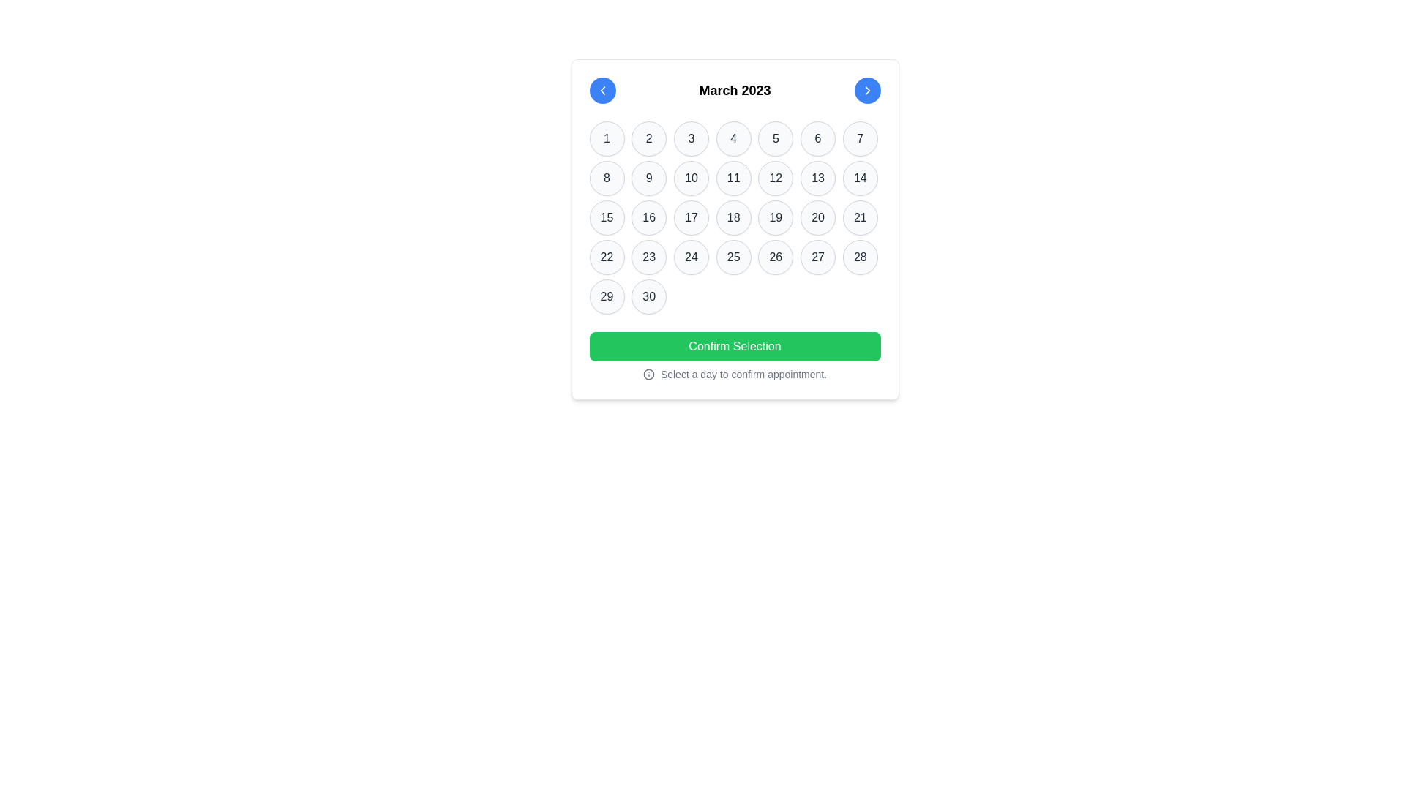 This screenshot has width=1405, height=790. What do you see at coordinates (733, 177) in the screenshot?
I see `the button in the calendar that allows users` at bounding box center [733, 177].